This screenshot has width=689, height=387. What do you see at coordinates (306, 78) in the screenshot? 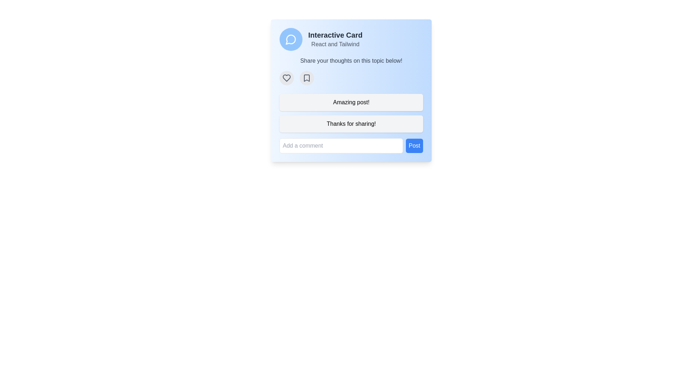
I see `the bookmark icon located within the circular button at the top left of the blue card, which is the second icon from the left after the heart-shaped icon` at bounding box center [306, 78].